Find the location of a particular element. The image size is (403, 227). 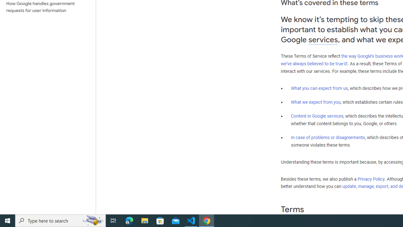

'In case of problems or disagreements' is located at coordinates (327, 137).